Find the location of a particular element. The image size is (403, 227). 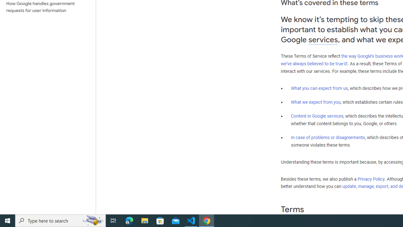

'In case of problems or disagreements' is located at coordinates (327, 137).